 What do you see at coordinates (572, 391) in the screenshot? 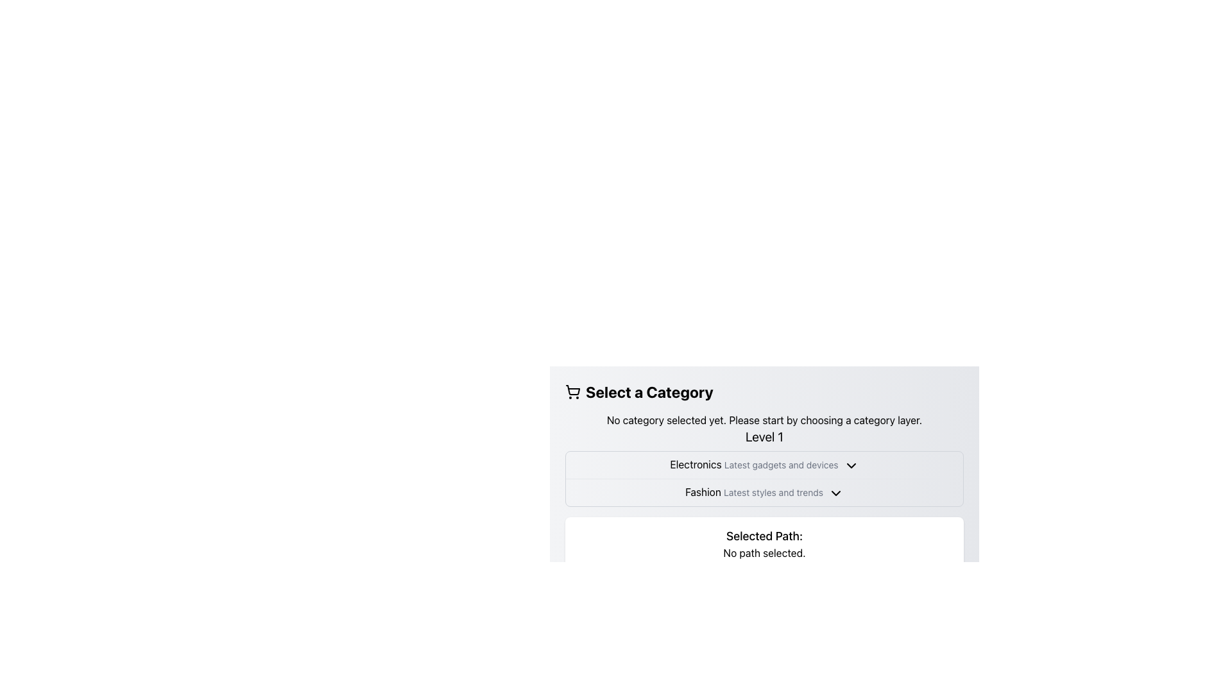
I see `the shopping cart icon located to the left of the 'Select a Category' header text` at bounding box center [572, 391].